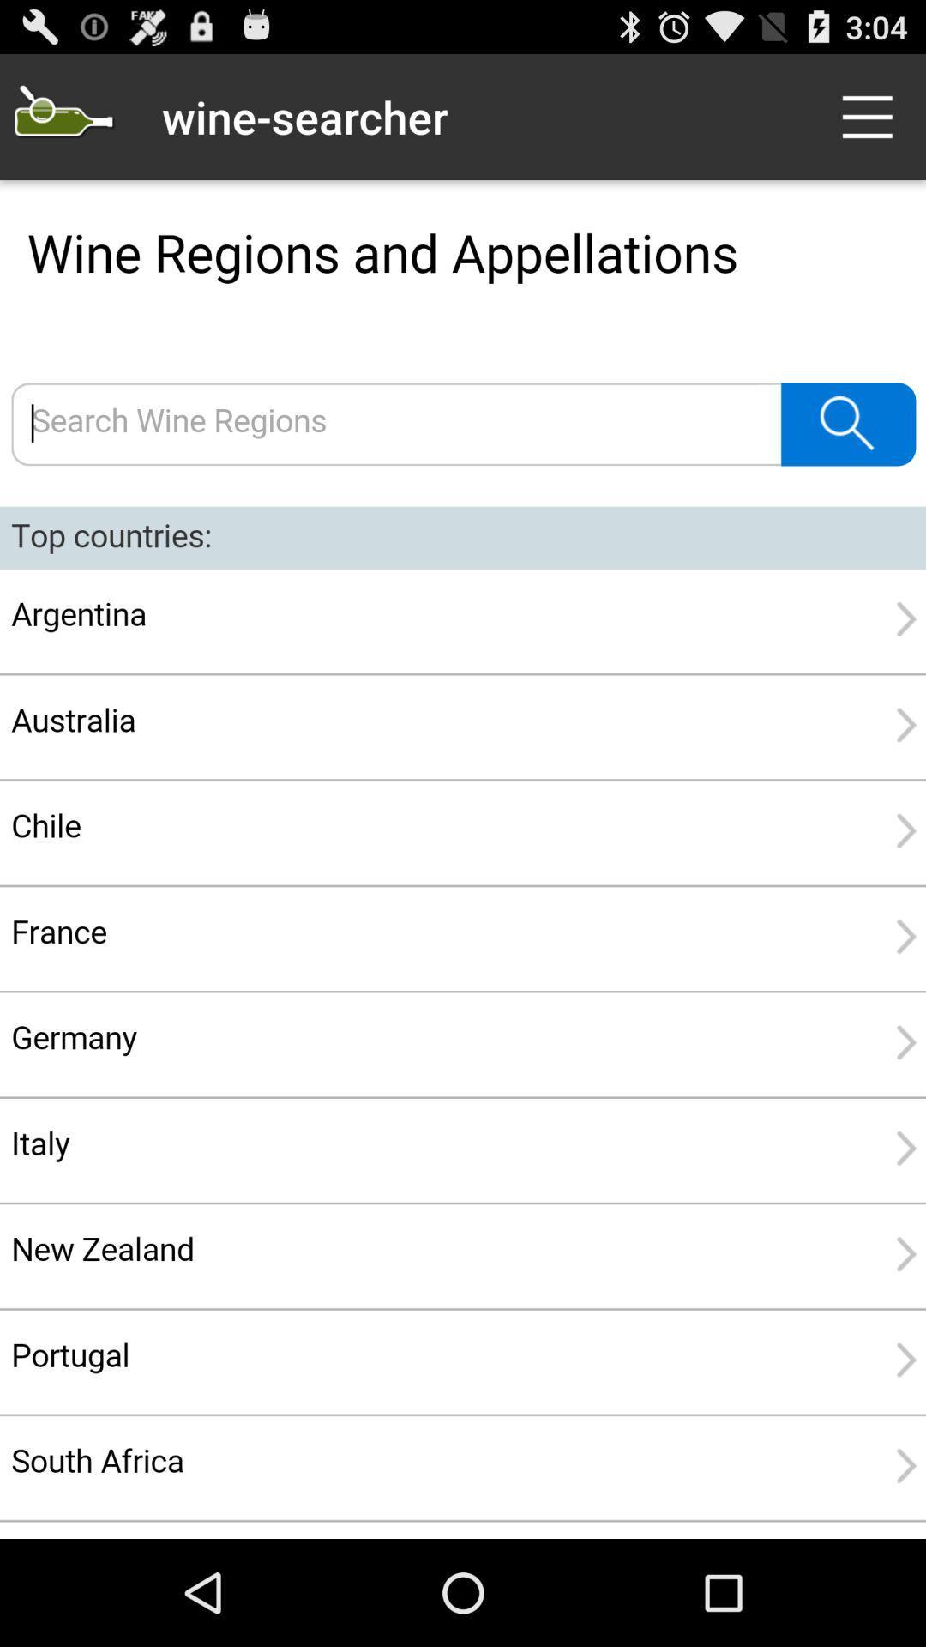 The image size is (926, 1647). I want to click on wine region, so click(463, 860).